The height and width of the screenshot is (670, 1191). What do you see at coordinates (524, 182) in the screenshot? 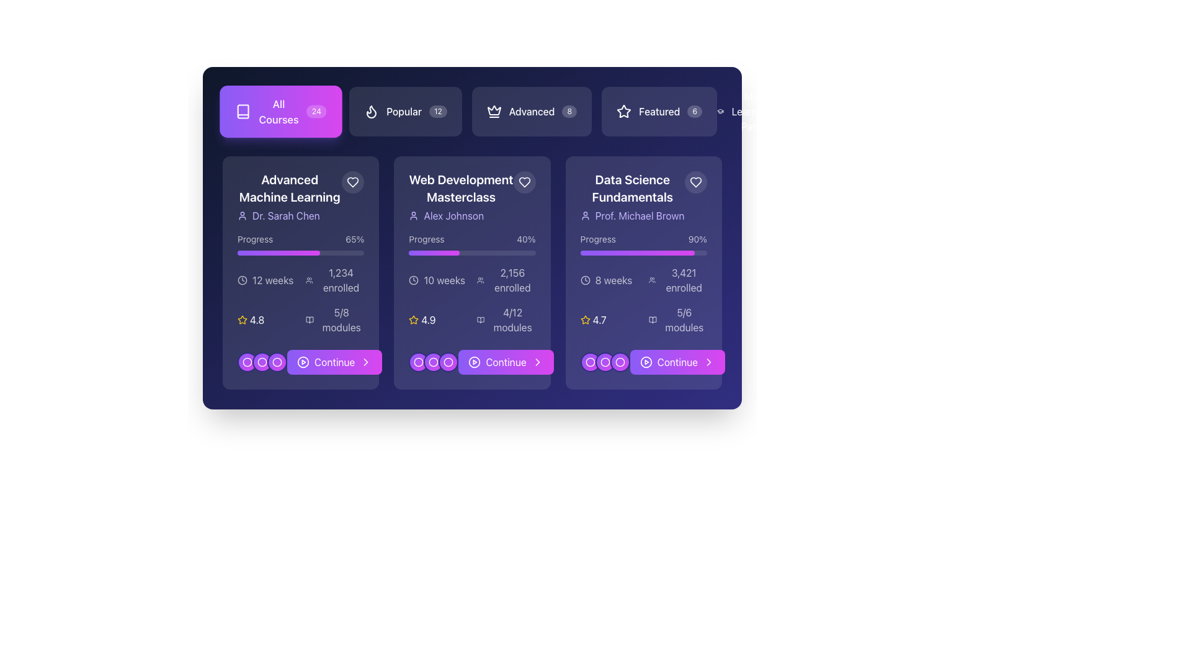
I see `the rounded circular button with a heart icon located in the upper-right corner of the 'Web Development Masterclass' card` at bounding box center [524, 182].